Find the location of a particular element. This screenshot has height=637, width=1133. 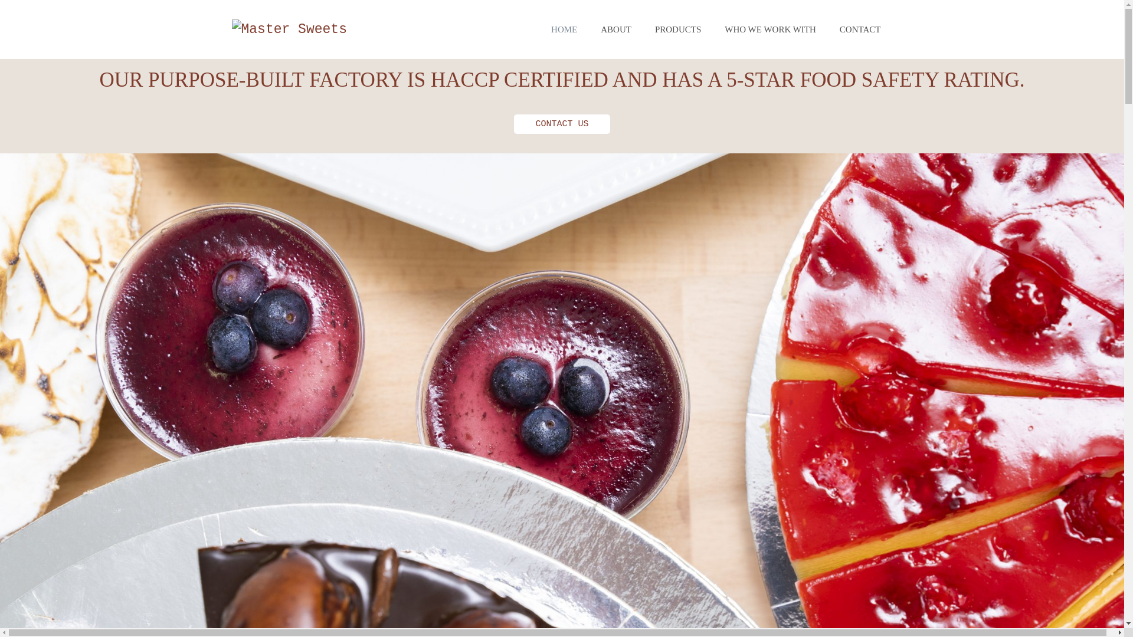

'Master Sweets' is located at coordinates (231, 29).